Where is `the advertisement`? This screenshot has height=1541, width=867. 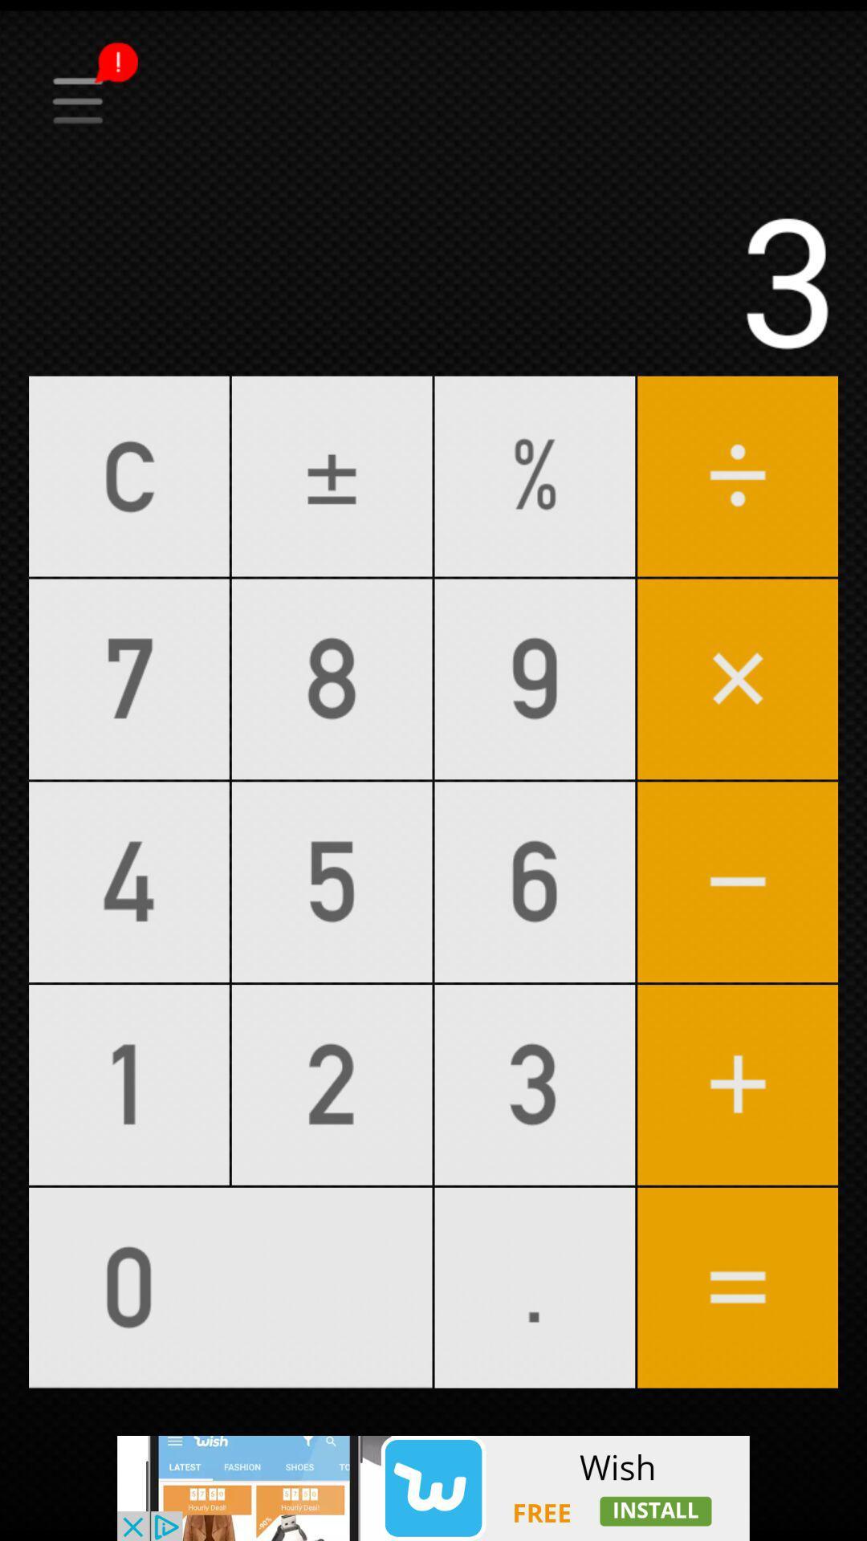
the advertisement is located at coordinates (433, 1487).